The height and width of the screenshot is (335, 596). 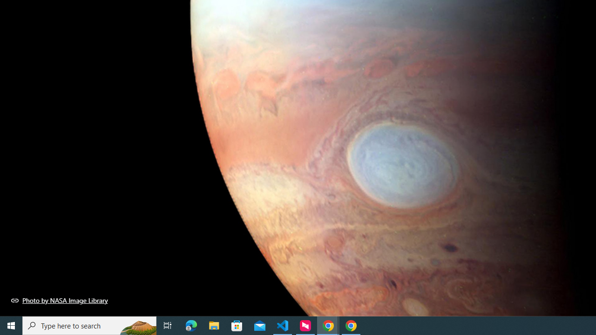 I want to click on 'Photo by NASA Image Library', so click(x=59, y=300).